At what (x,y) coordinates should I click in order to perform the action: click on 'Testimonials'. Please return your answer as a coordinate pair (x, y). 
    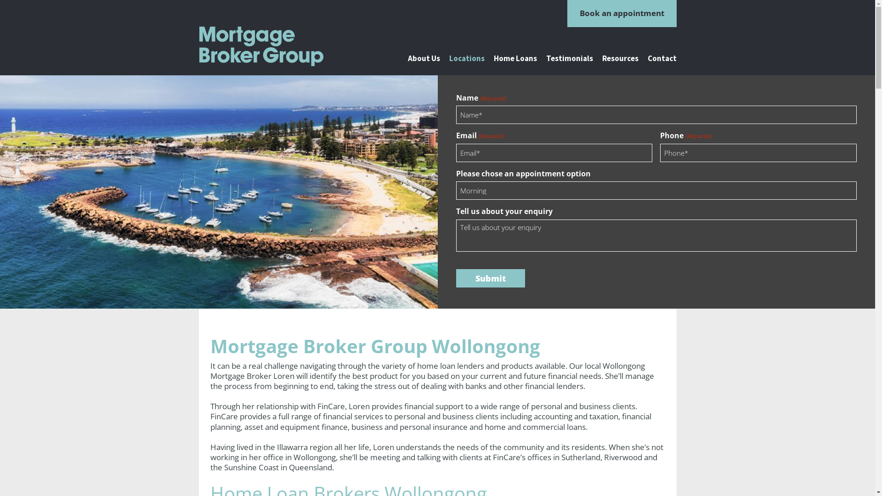
    Looking at the image, I should click on (546, 58).